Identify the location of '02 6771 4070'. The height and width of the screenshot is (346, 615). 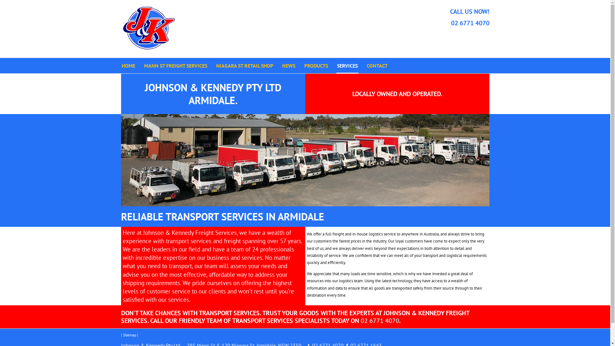
(470, 23).